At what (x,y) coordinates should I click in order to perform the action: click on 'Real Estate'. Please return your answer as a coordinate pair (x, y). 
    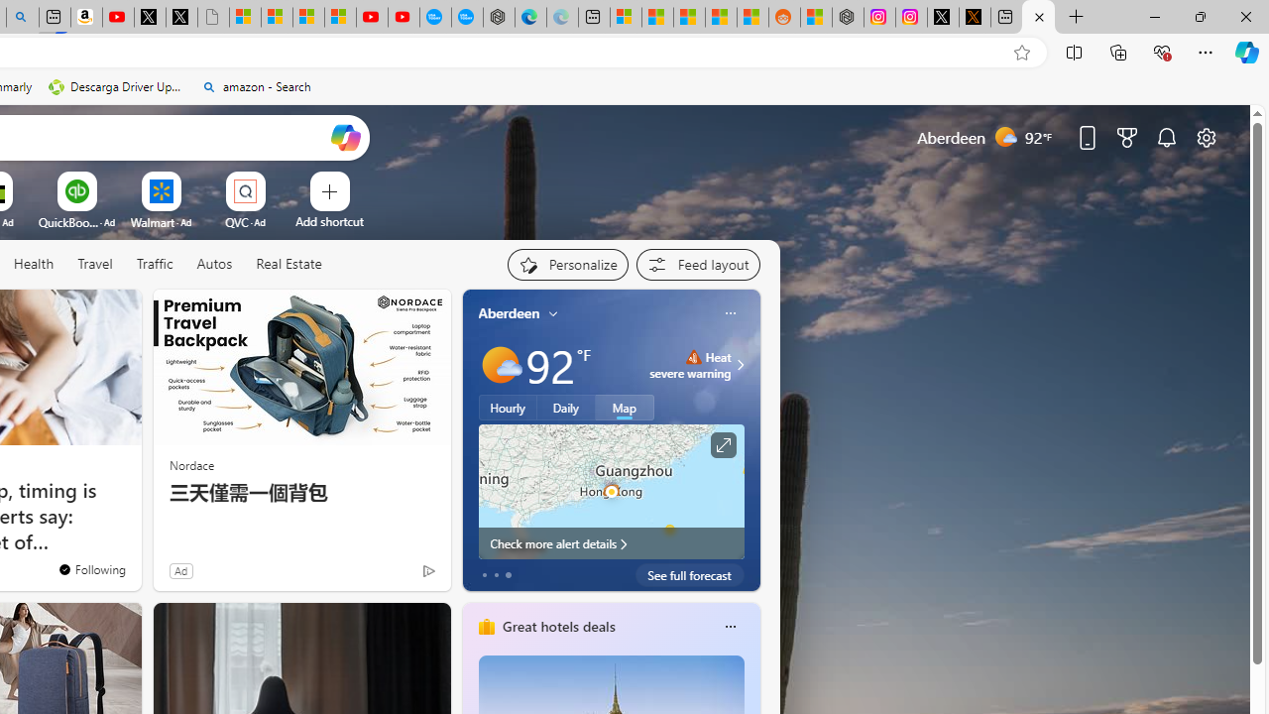
    Looking at the image, I should click on (288, 263).